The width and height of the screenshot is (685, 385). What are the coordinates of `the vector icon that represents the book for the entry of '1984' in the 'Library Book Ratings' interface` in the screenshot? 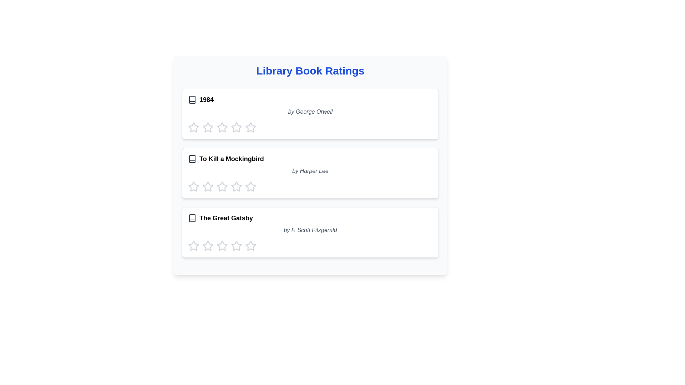 It's located at (192, 100).